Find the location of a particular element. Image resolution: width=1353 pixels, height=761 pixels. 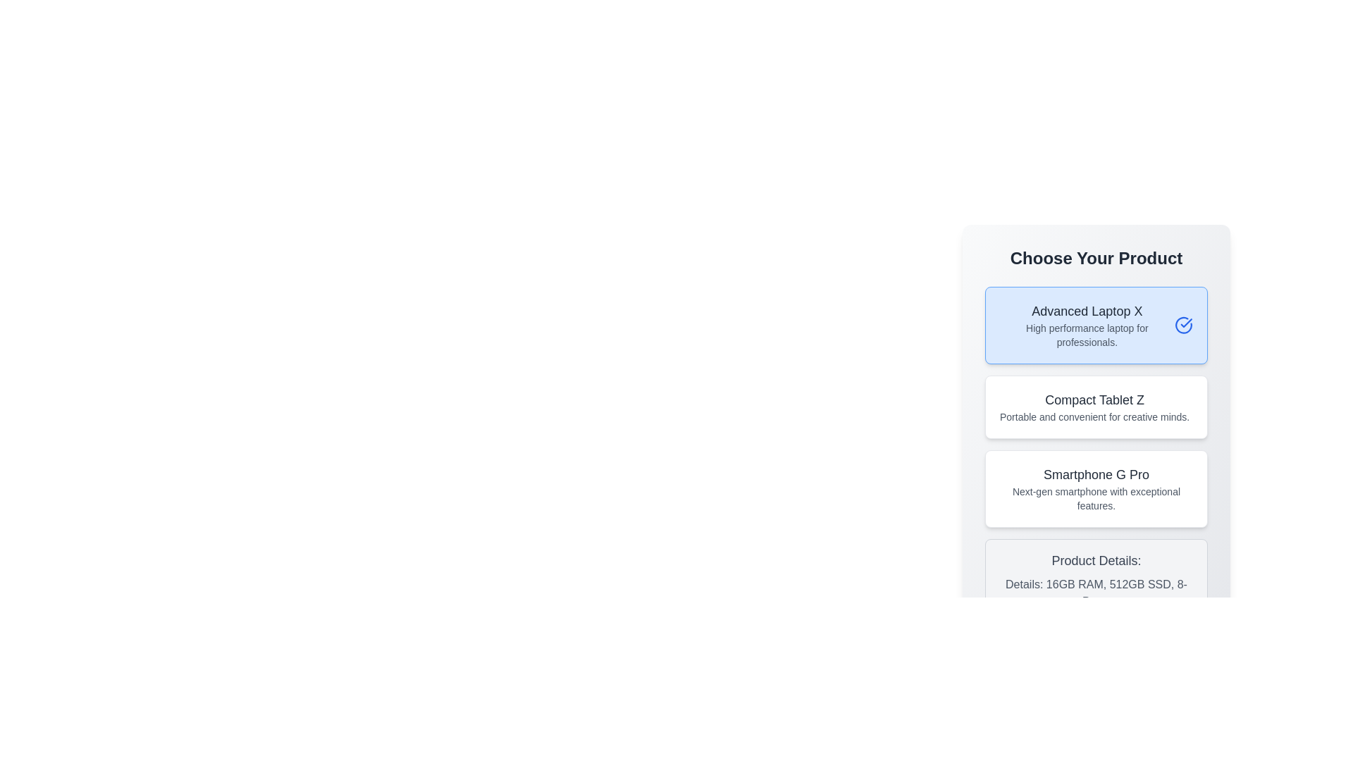

the first selectable card labeled 'Advanced Laptop X' in the product list is located at coordinates (1095, 326).